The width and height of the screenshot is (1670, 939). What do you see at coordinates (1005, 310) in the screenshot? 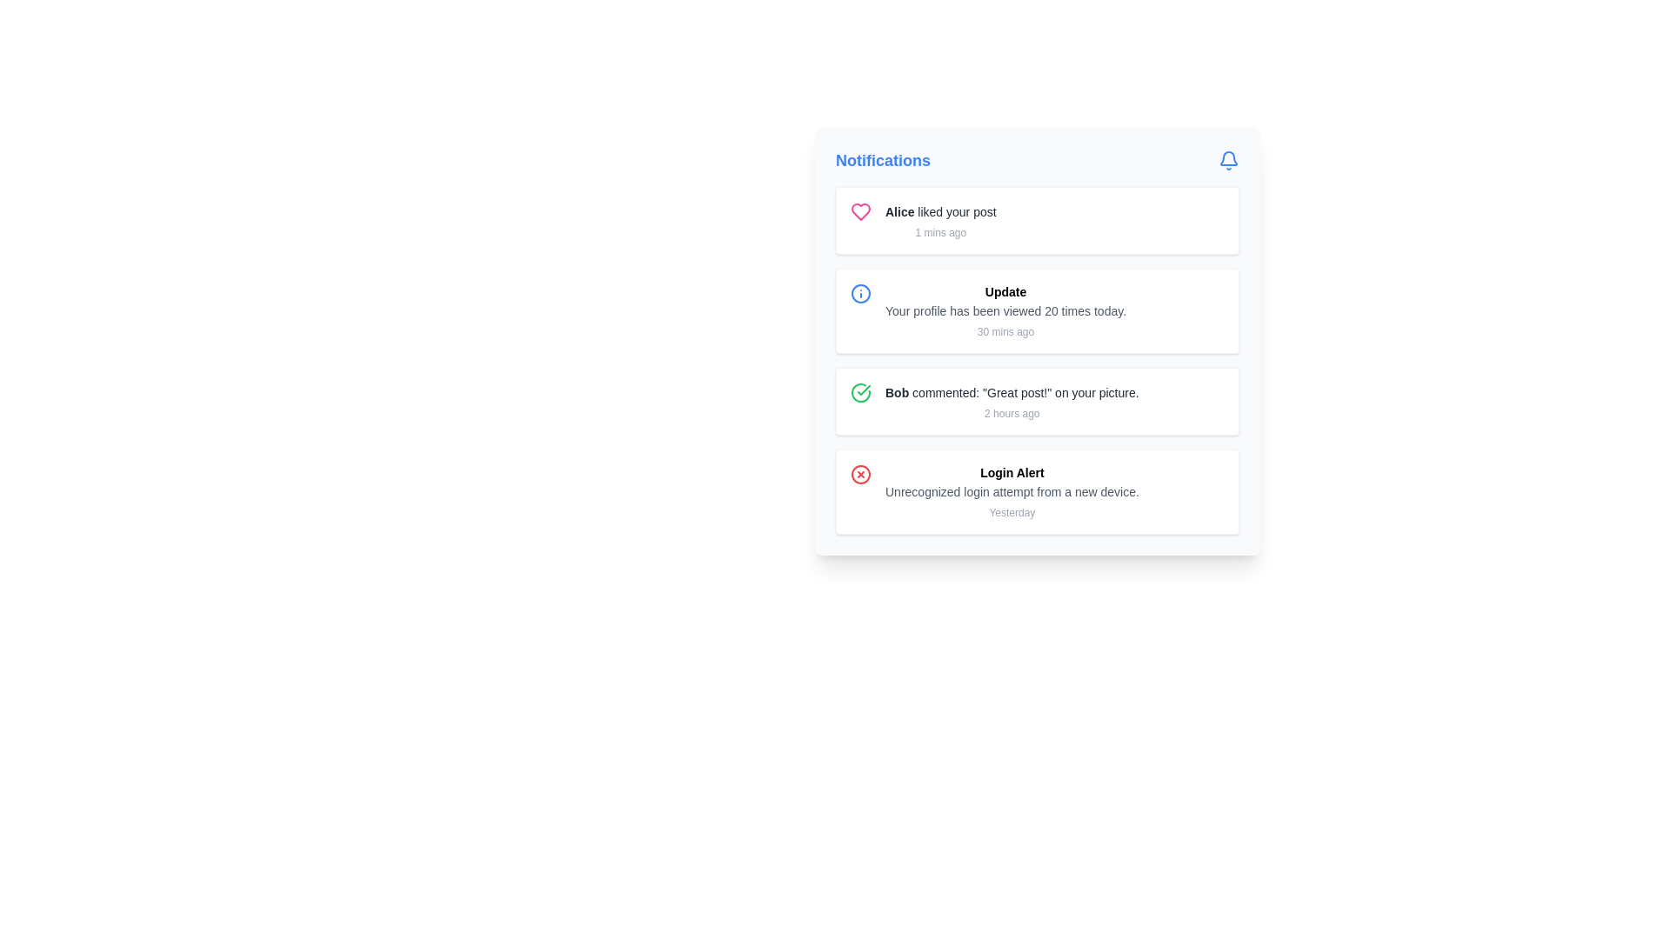
I see `the notification item which has the header 'Update', main content 'Your profile has been viewed 20 times today', and timestamp '30 mins ago'. It is the second notification in the list` at bounding box center [1005, 310].